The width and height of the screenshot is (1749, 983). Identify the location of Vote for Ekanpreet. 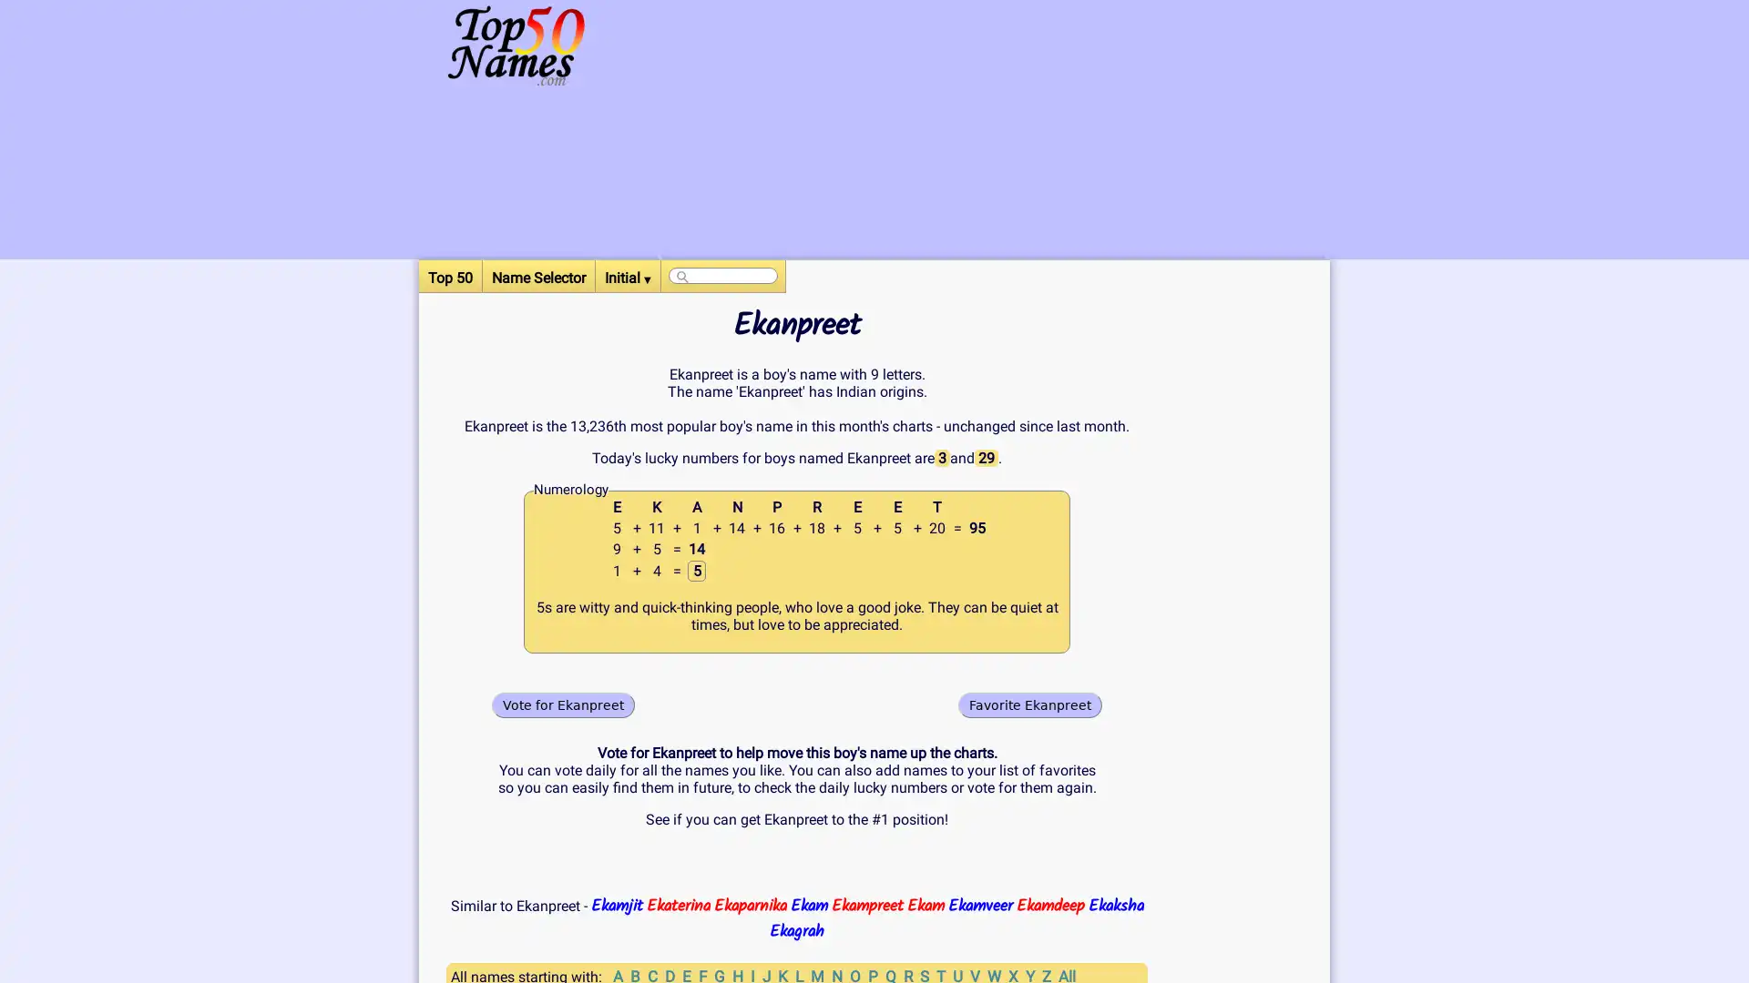
(562, 704).